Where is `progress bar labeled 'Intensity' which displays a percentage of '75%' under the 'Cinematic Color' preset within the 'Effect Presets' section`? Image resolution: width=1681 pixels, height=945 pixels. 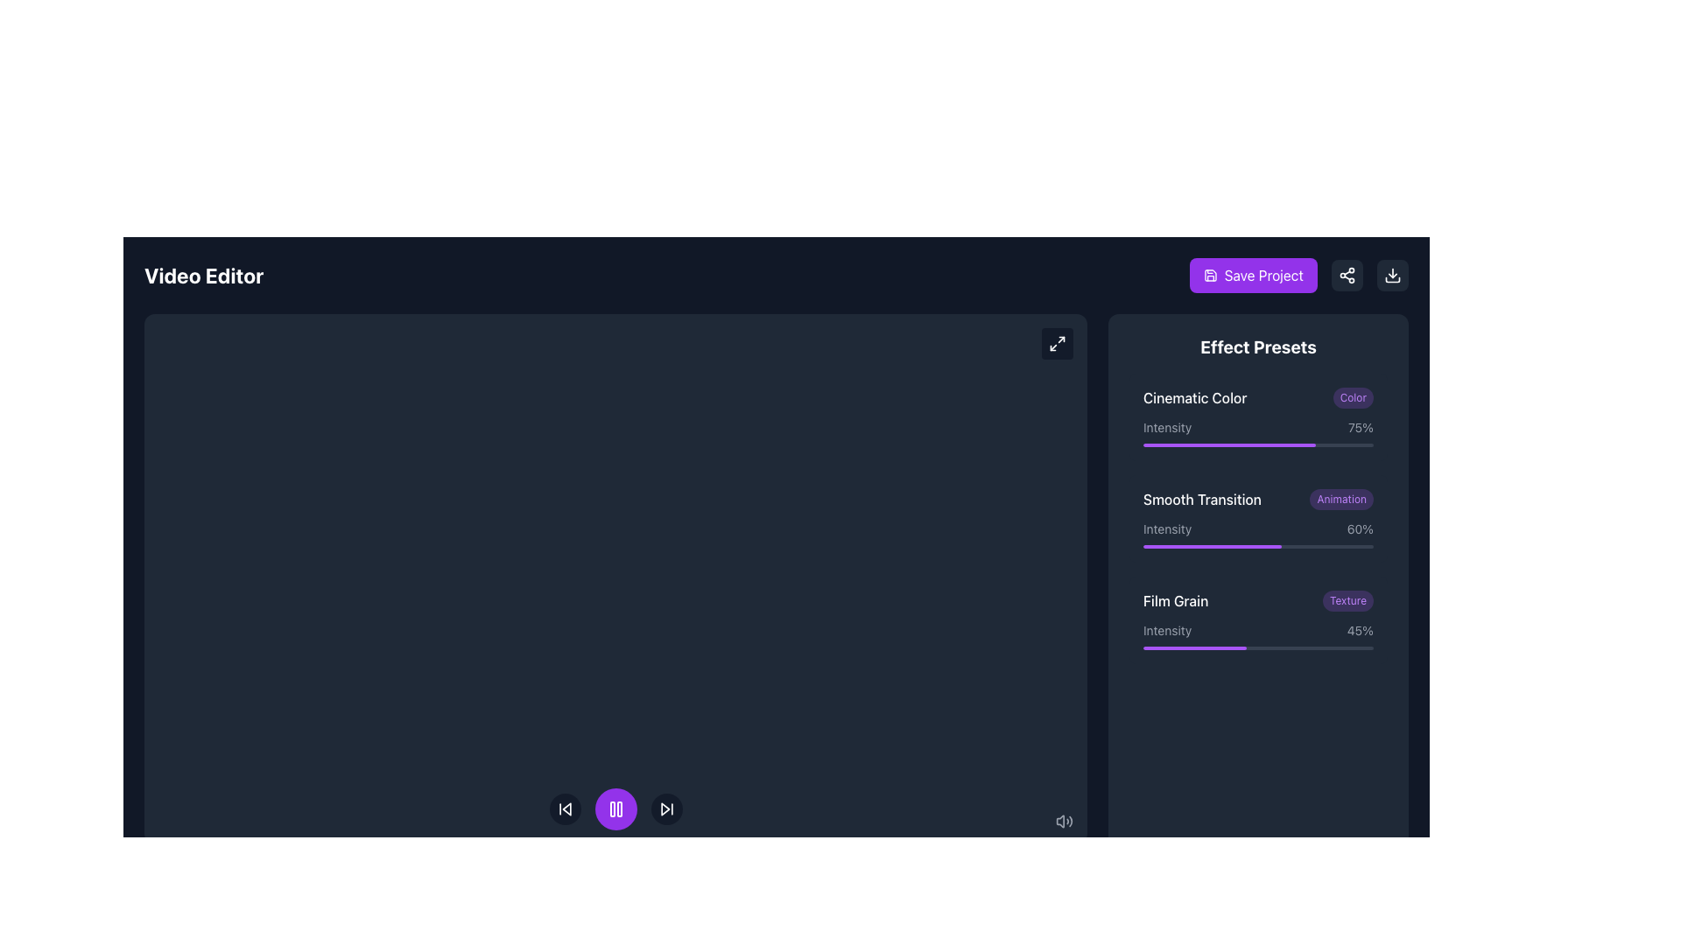 progress bar labeled 'Intensity' which displays a percentage of '75%' under the 'Cinematic Color' preset within the 'Effect Presets' section is located at coordinates (1257, 432).